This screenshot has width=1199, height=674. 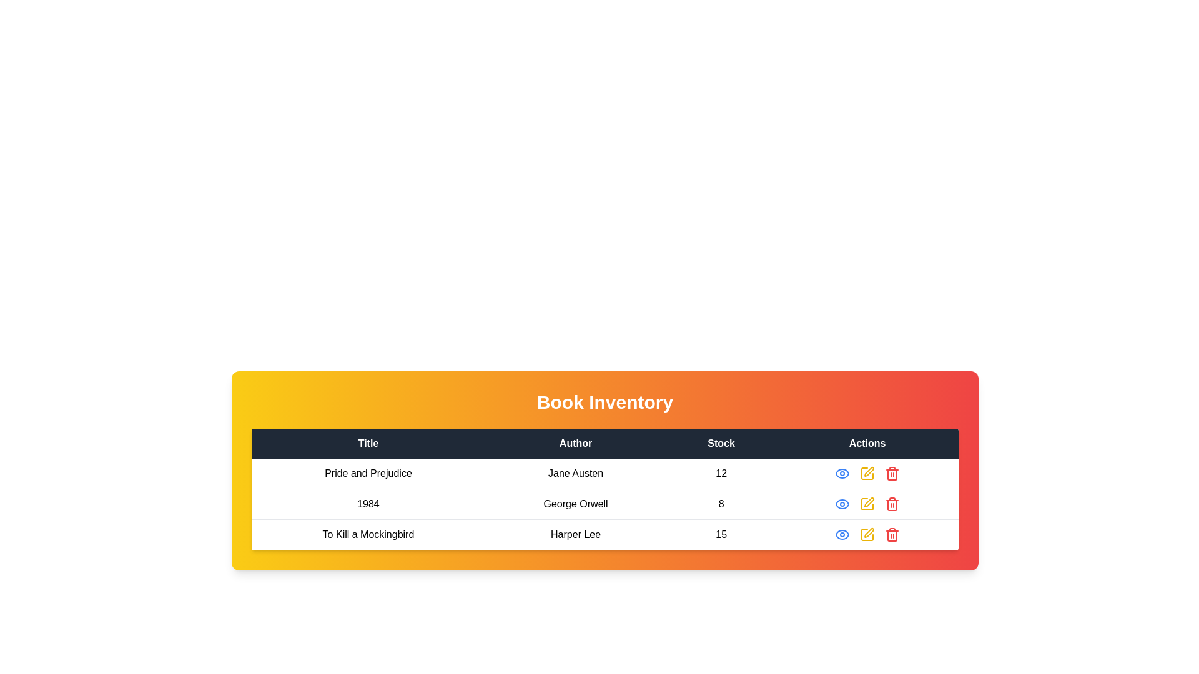 I want to click on the text label displaying the number '8' under the 'Stock' column in the table for the book '1984' by George Orwell, so click(x=721, y=503).